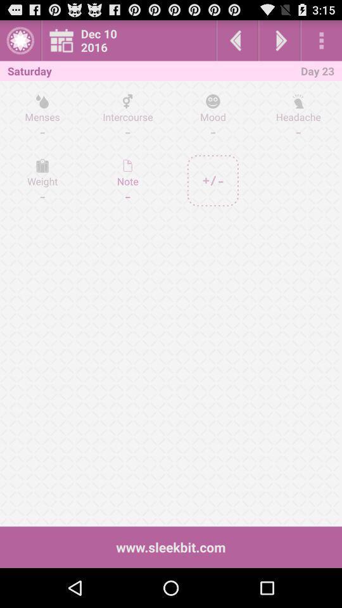 The width and height of the screenshot is (342, 608). Describe the element at coordinates (237, 40) in the screenshot. I see `go back` at that location.